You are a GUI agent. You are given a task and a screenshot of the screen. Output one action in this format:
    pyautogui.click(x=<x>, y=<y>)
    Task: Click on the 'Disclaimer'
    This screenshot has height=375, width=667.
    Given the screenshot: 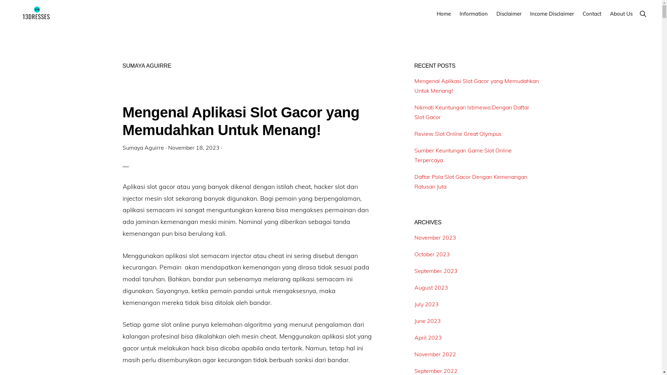 What is the action you would take?
    pyautogui.click(x=509, y=14)
    